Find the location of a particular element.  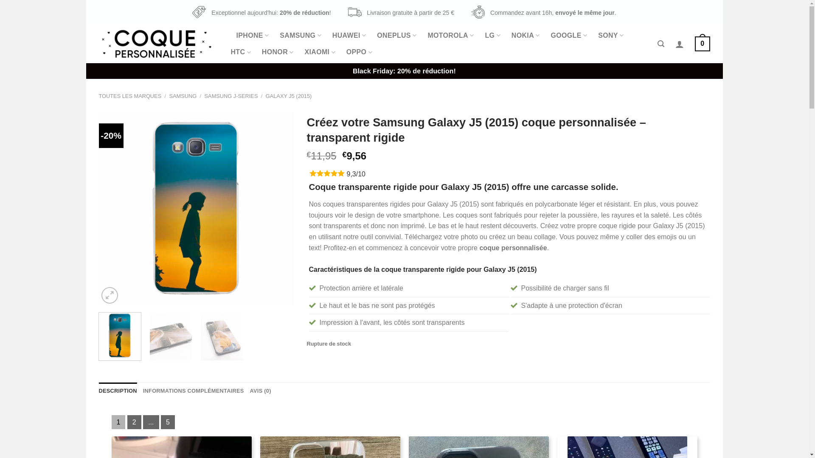

'HUAWEI' is located at coordinates (349, 35).